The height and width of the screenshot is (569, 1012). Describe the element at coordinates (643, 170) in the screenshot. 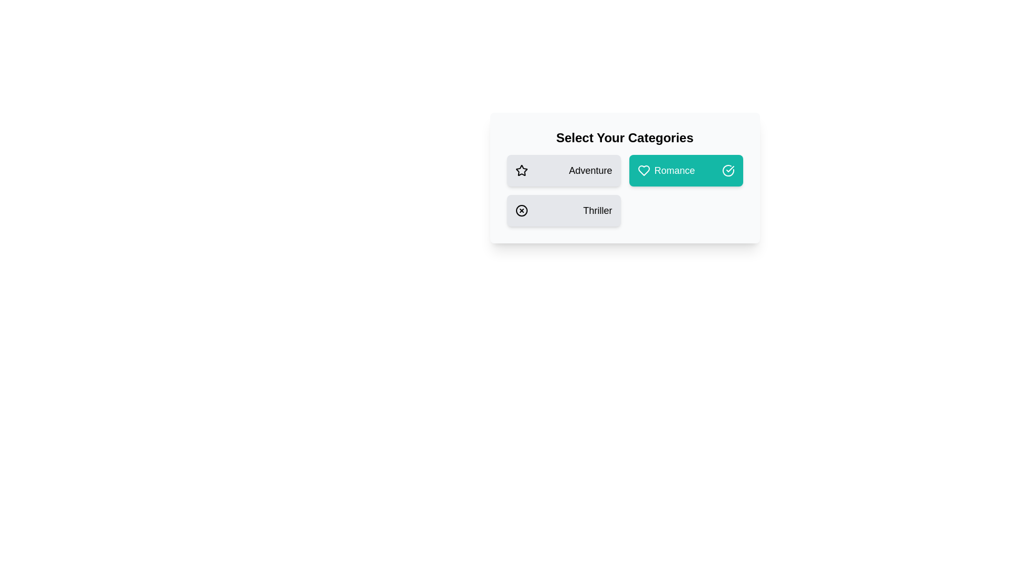

I see `the icon for the category Romance` at that location.